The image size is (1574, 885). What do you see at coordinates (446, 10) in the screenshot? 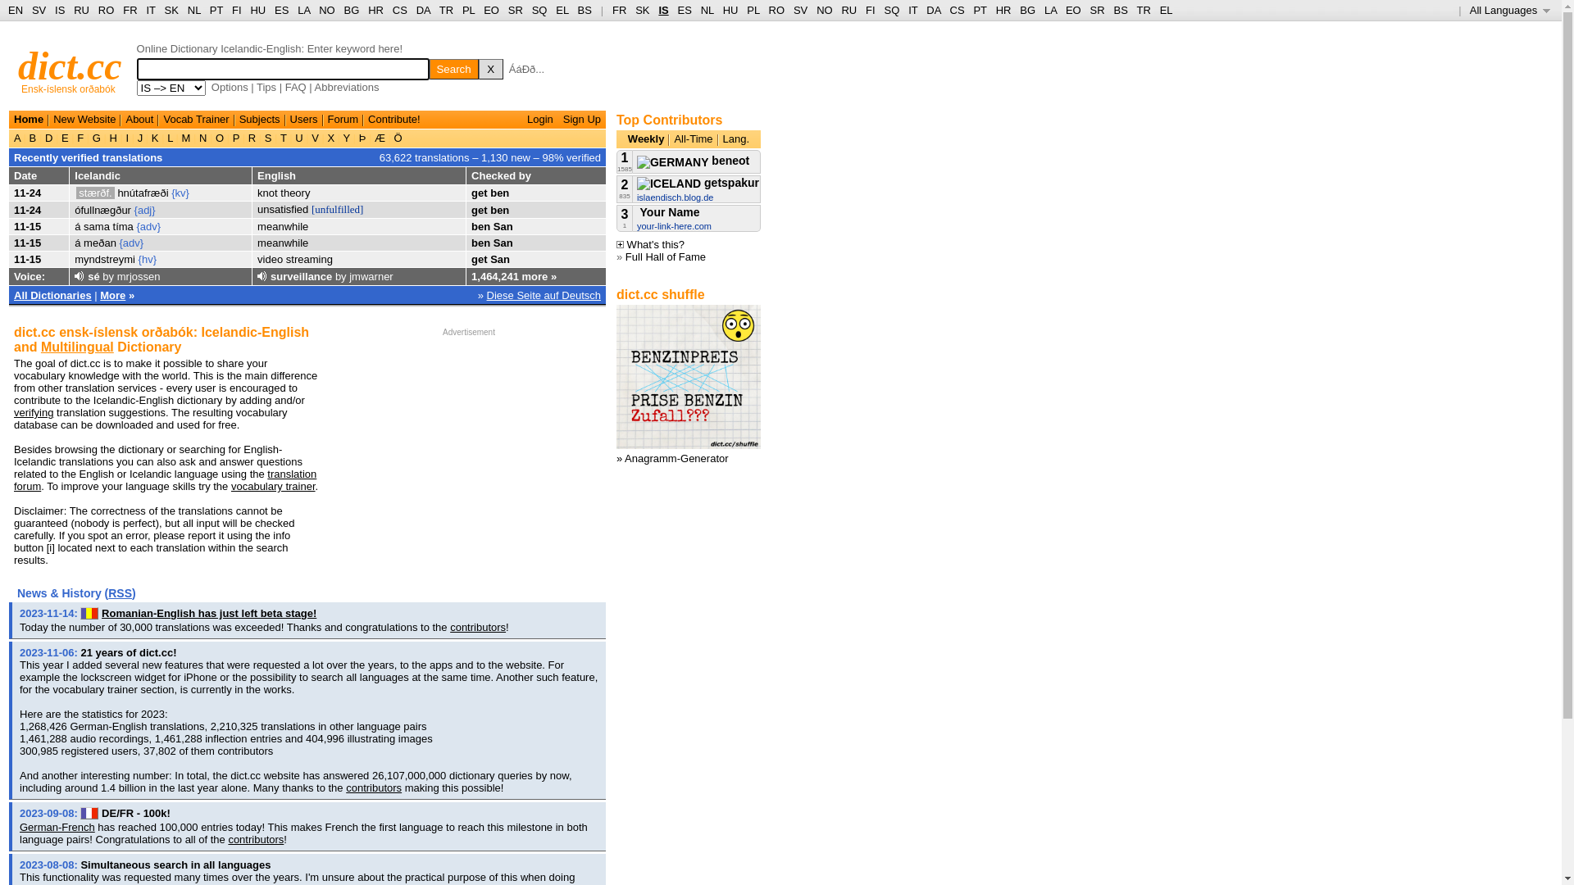
I see `'TR'` at bounding box center [446, 10].